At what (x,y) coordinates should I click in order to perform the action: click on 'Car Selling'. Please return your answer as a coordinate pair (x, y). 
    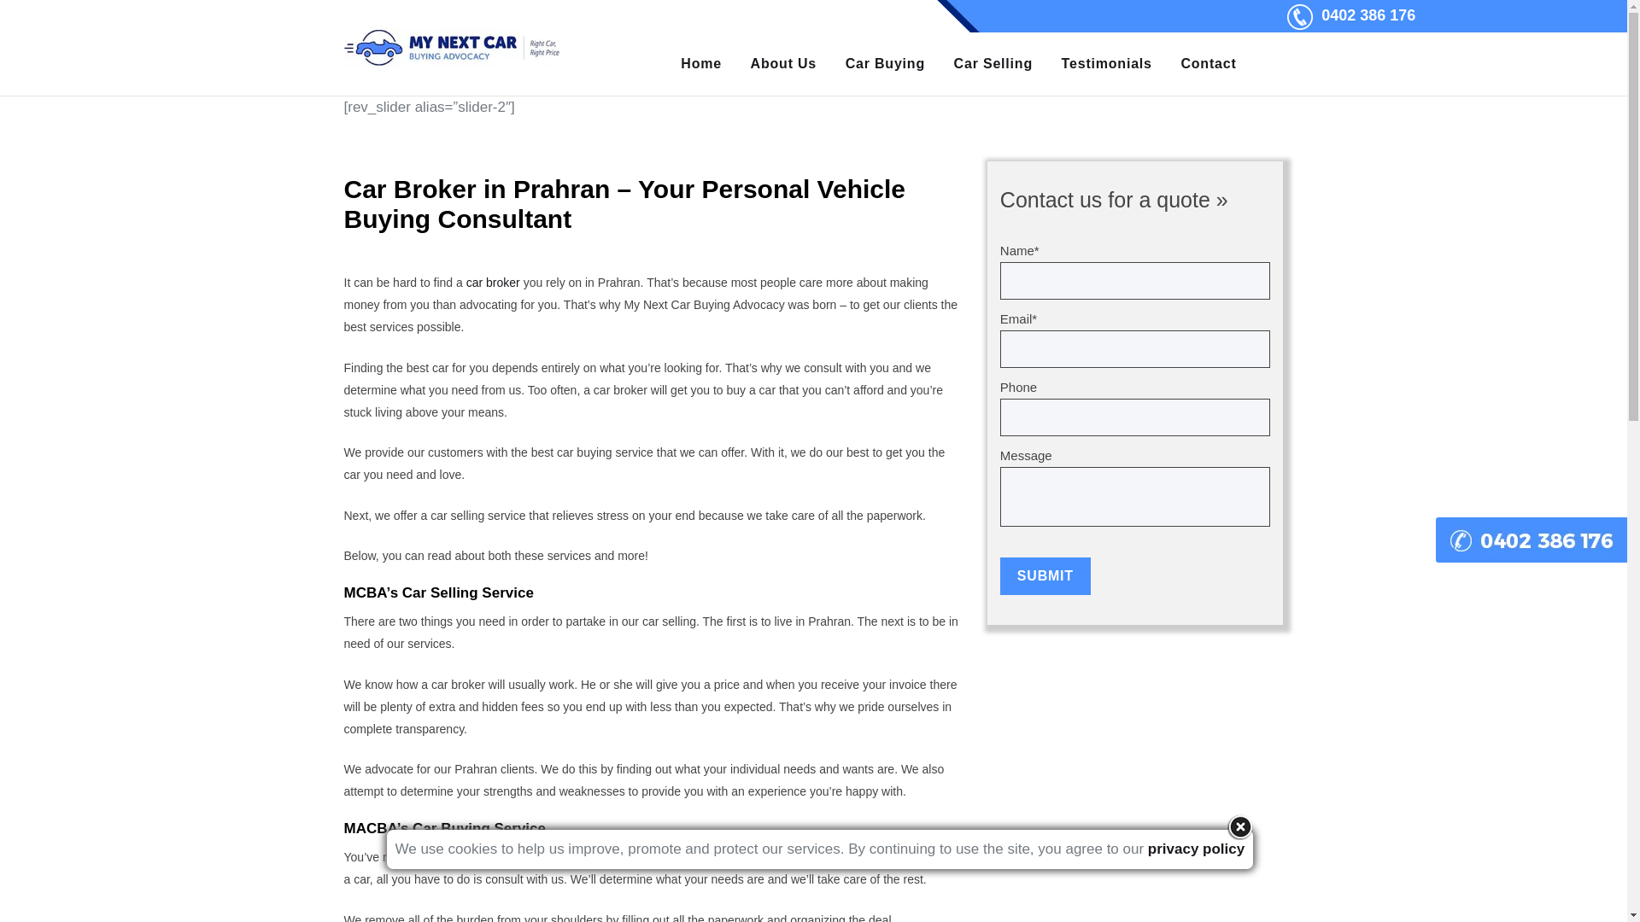
    Looking at the image, I should click on (993, 62).